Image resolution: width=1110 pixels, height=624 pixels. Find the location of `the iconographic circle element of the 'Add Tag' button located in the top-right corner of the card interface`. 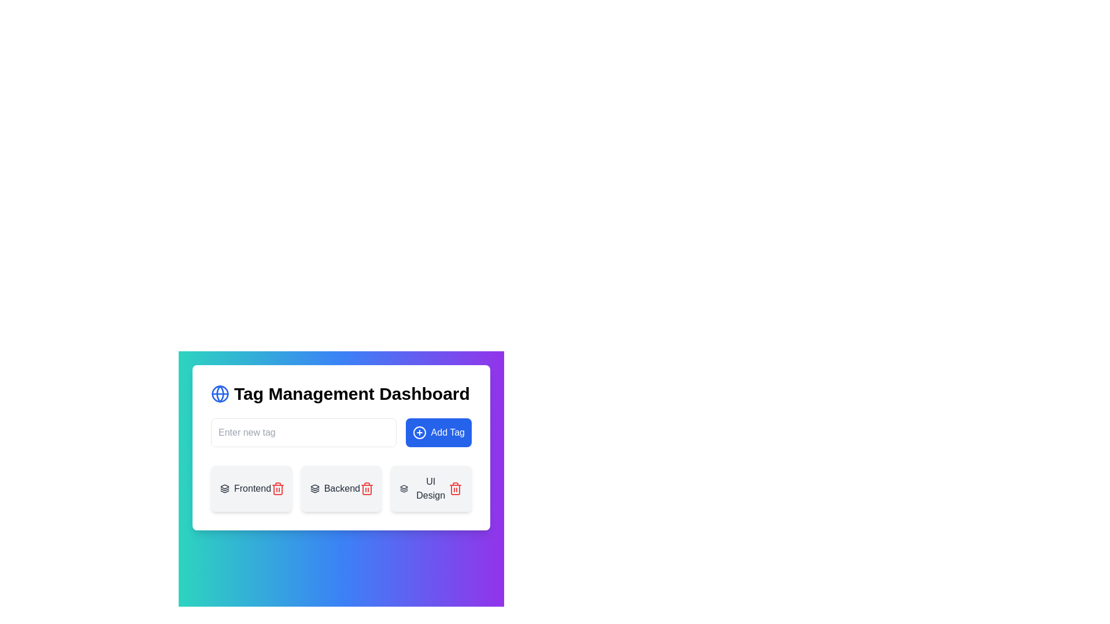

the iconographic circle element of the 'Add Tag' button located in the top-right corner of the card interface is located at coordinates (419, 432).